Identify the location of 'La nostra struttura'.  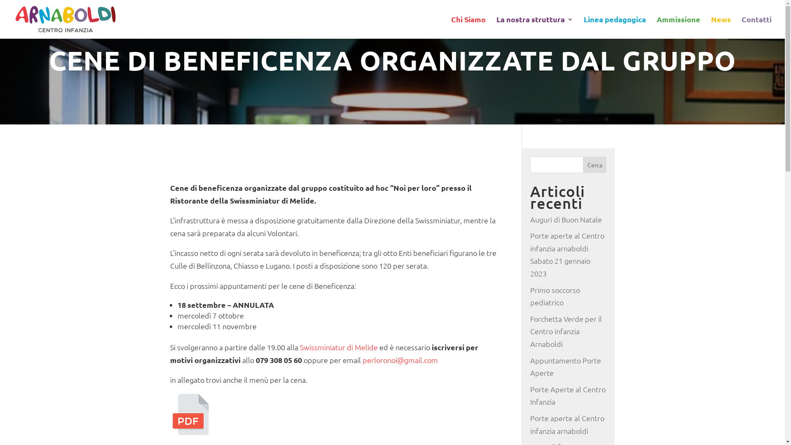
(496, 27).